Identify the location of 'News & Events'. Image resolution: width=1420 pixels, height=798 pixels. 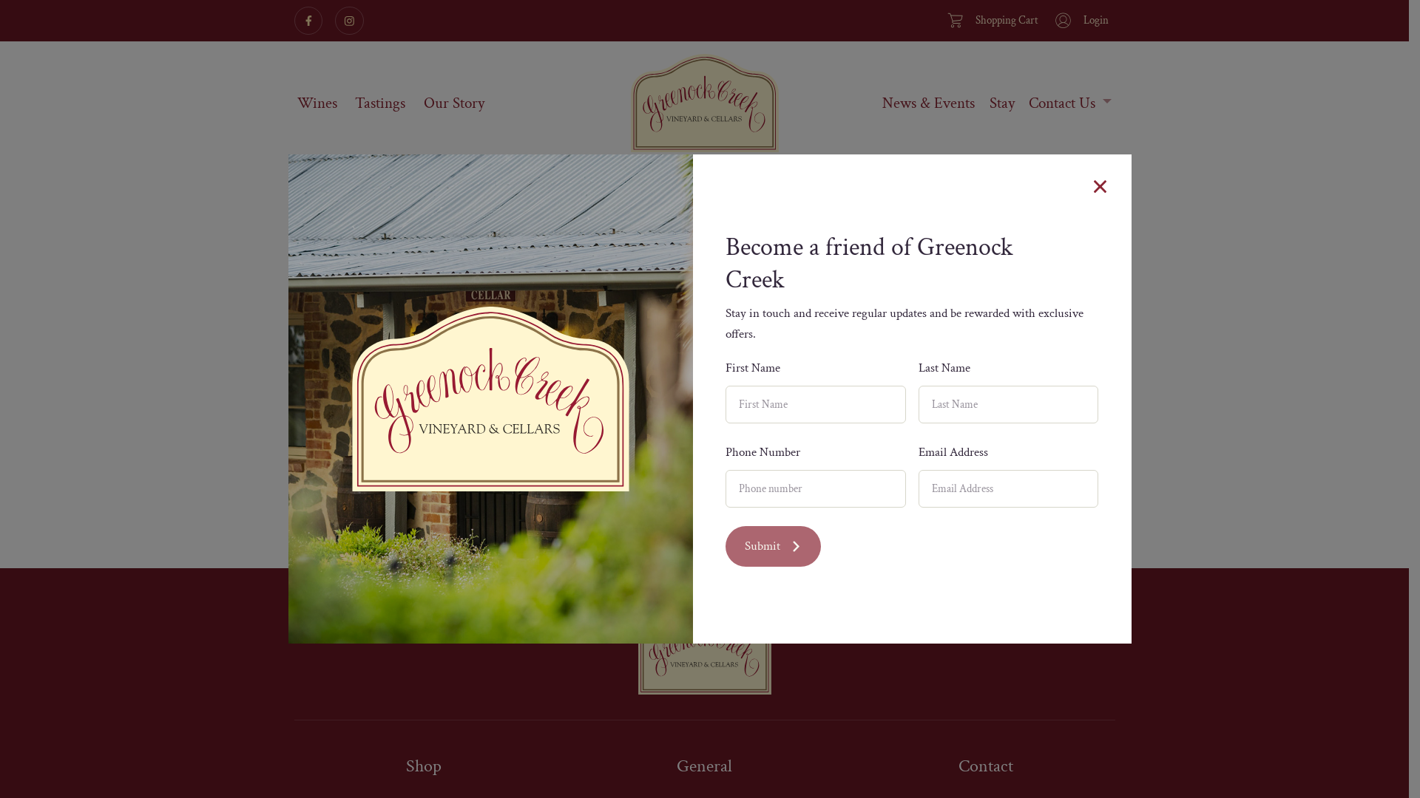
(928, 102).